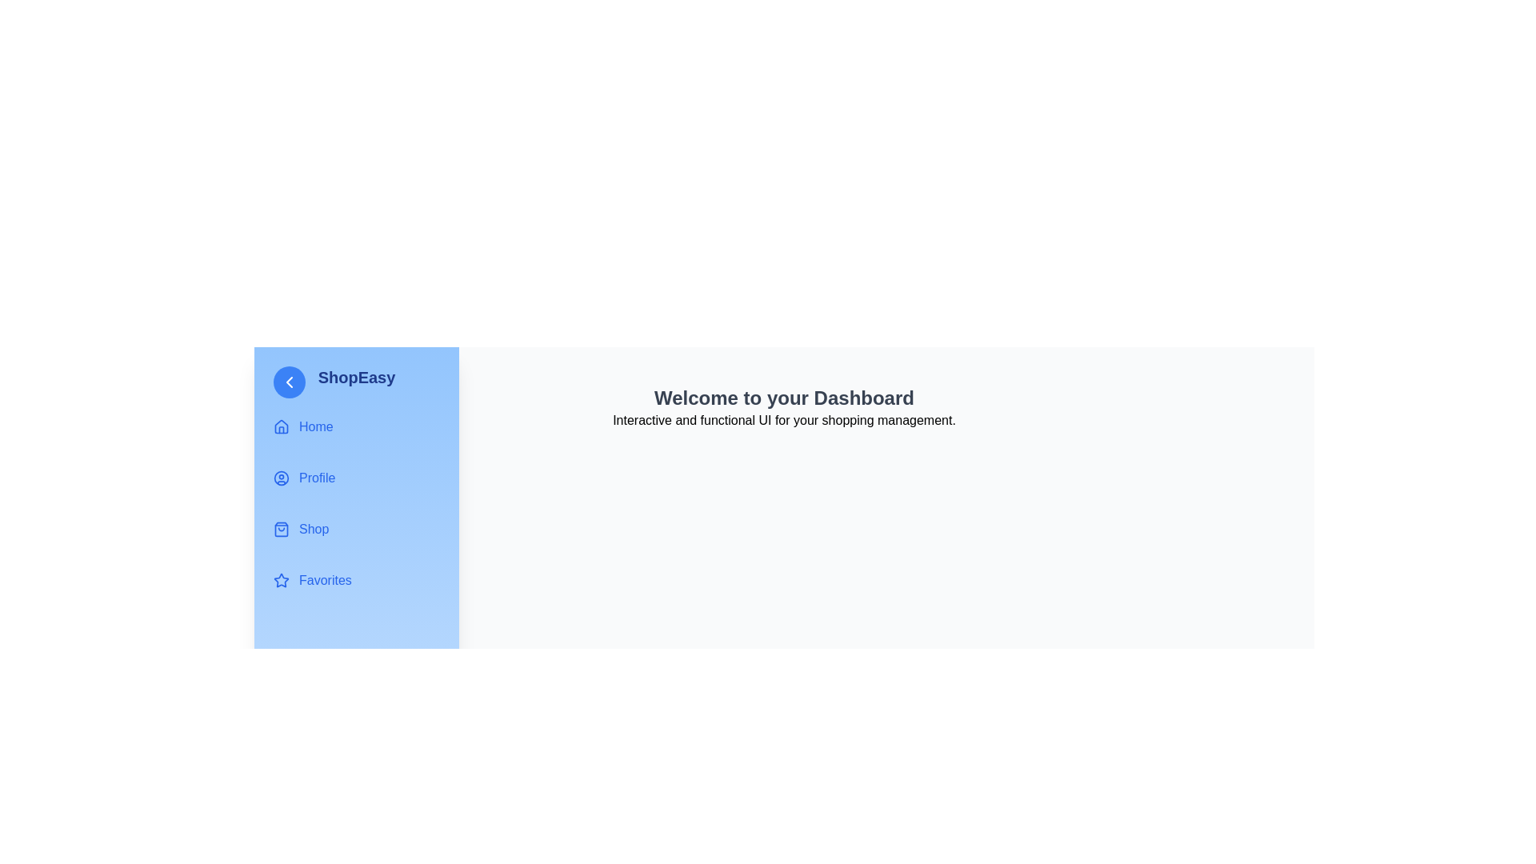 The height and width of the screenshot is (864, 1536). I want to click on the 'Favorites' icon located at the bottom of the menu list, to the left of the text label 'Favorites', so click(281, 580).